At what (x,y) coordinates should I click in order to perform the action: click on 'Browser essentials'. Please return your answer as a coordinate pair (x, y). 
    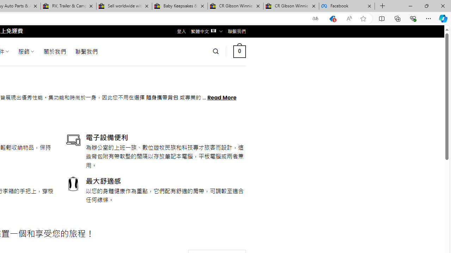
    Looking at the image, I should click on (413, 18).